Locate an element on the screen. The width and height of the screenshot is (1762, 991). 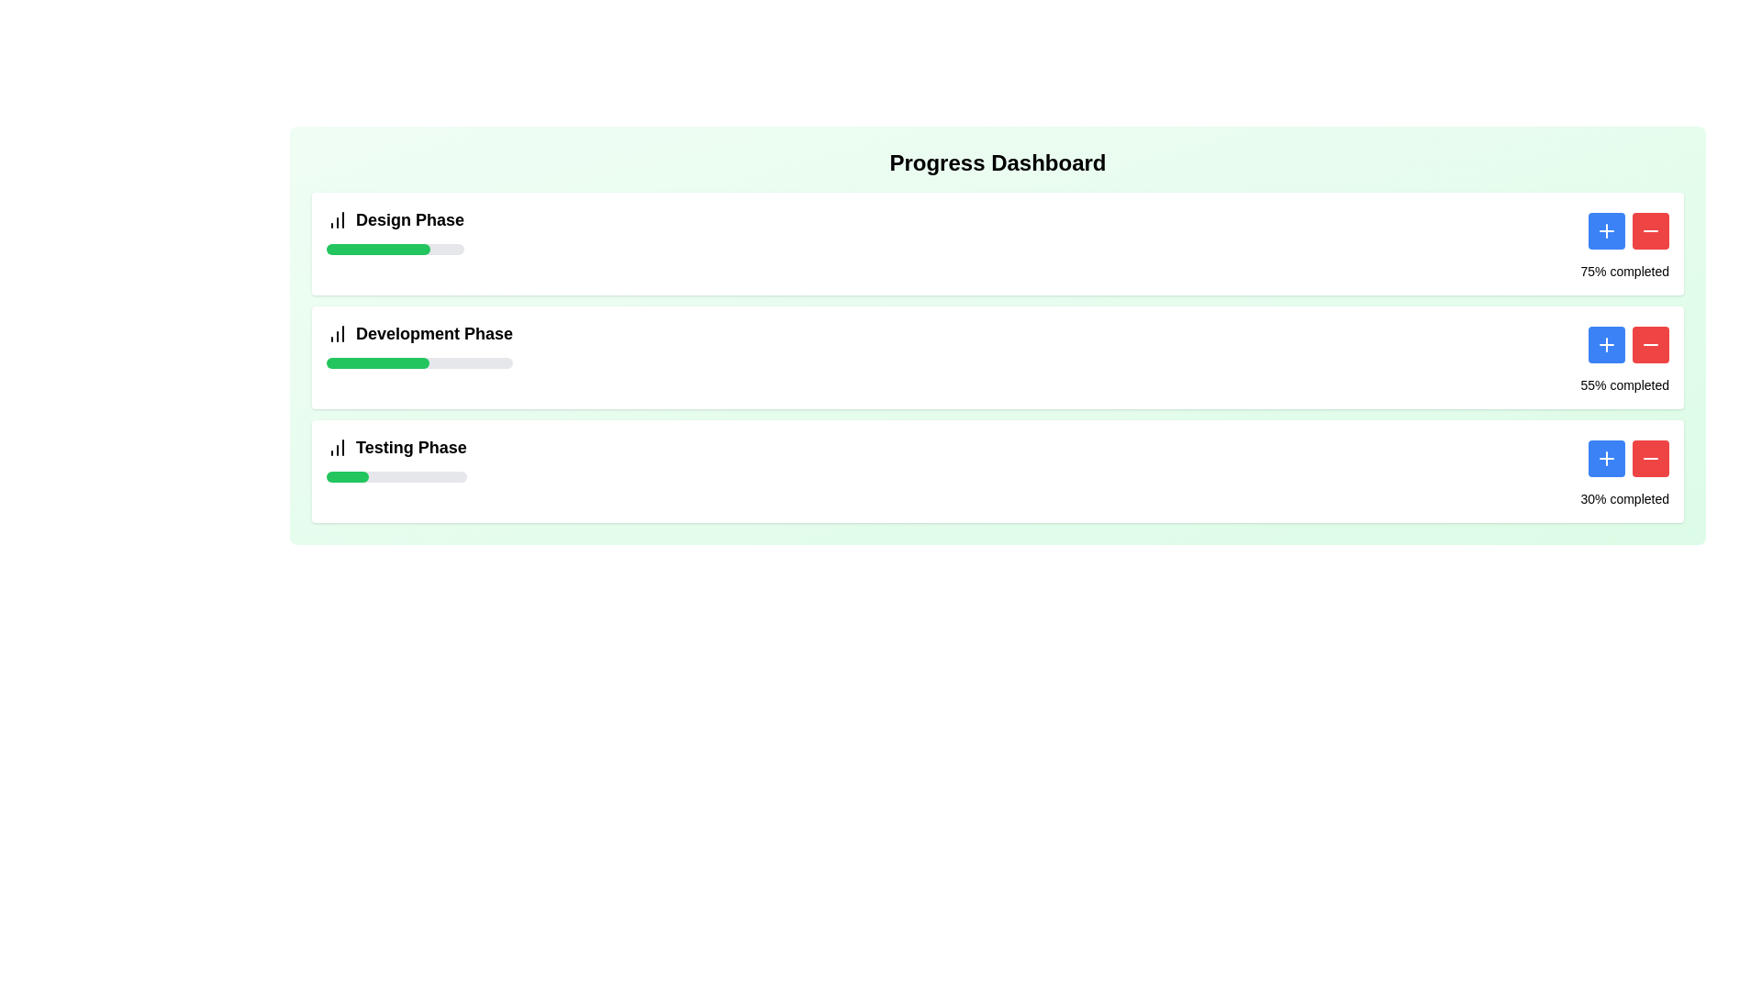
the bar chart icon element located near the left edge of the 'Testing Phase' row is located at coordinates (338, 448).